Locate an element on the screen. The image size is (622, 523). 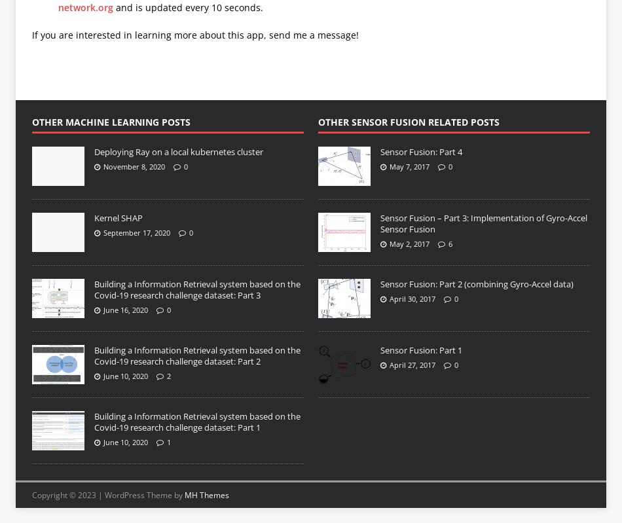
'Sensor Fusion: Part 1' is located at coordinates (420, 350).